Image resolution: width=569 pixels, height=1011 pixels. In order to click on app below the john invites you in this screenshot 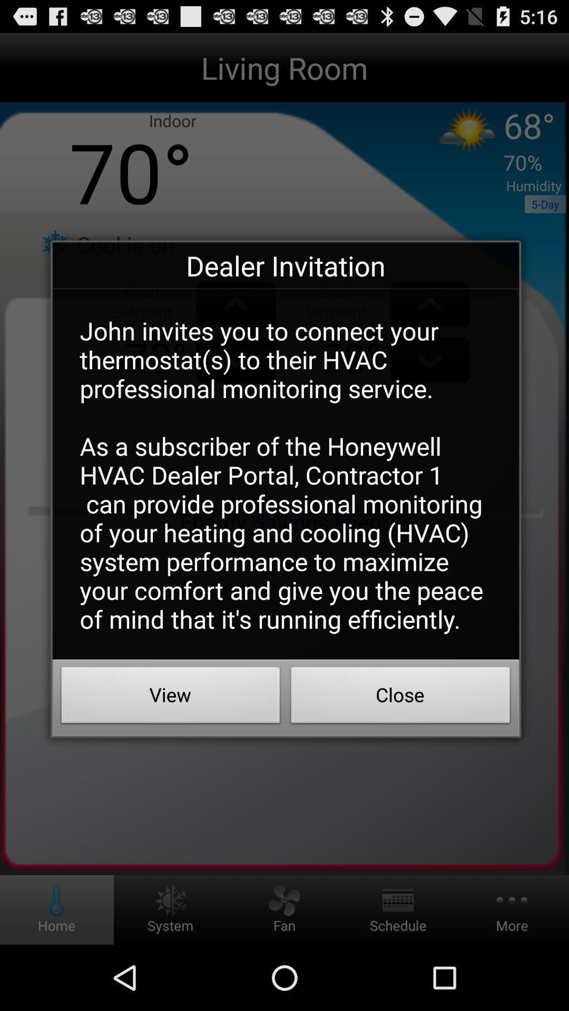, I will do `click(170, 698)`.